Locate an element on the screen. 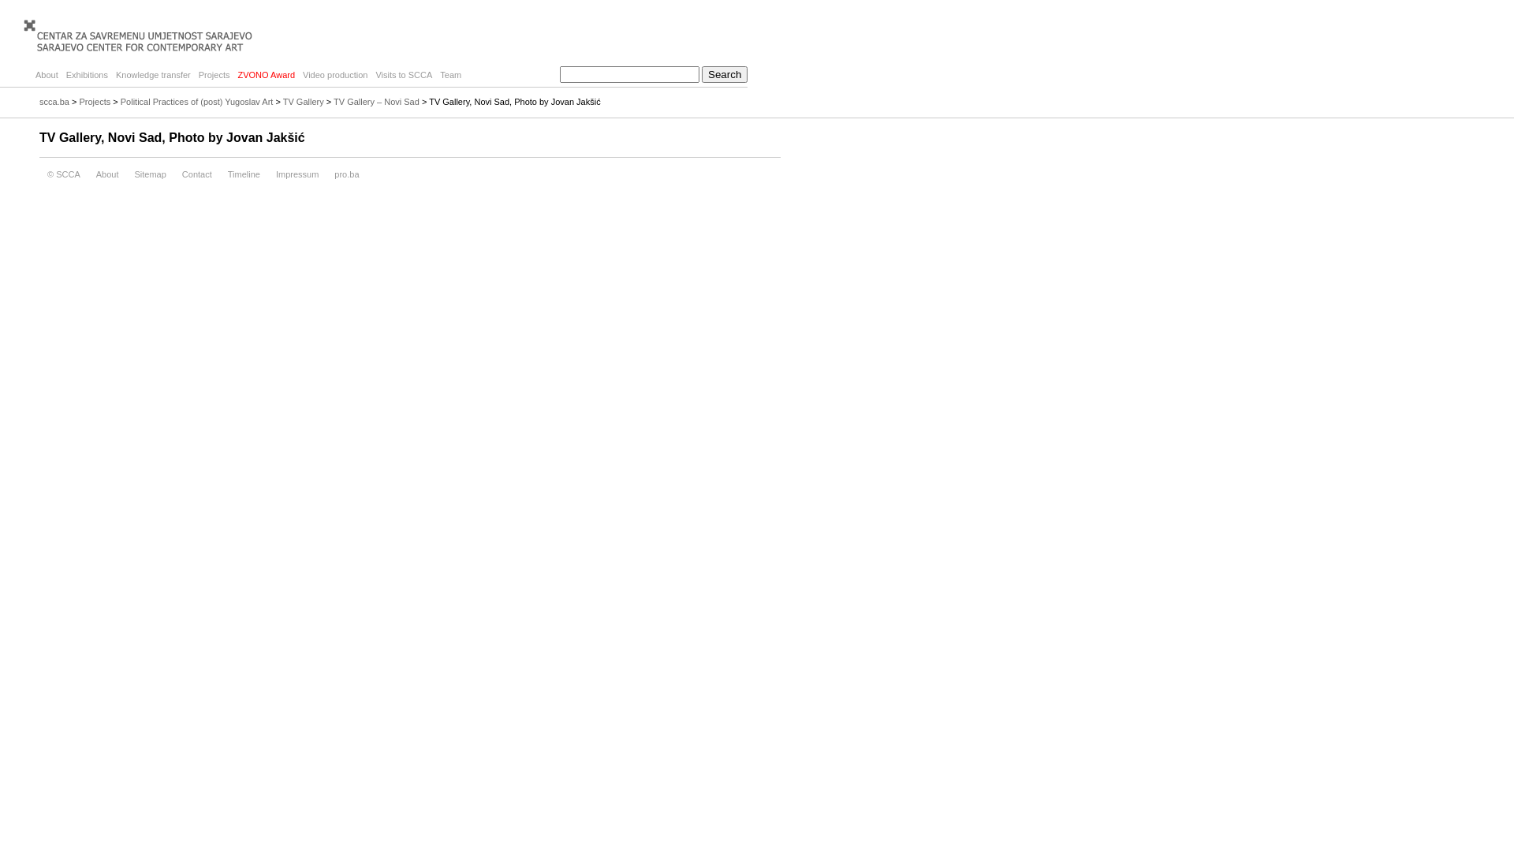  'Sitemap' is located at coordinates (150, 174).